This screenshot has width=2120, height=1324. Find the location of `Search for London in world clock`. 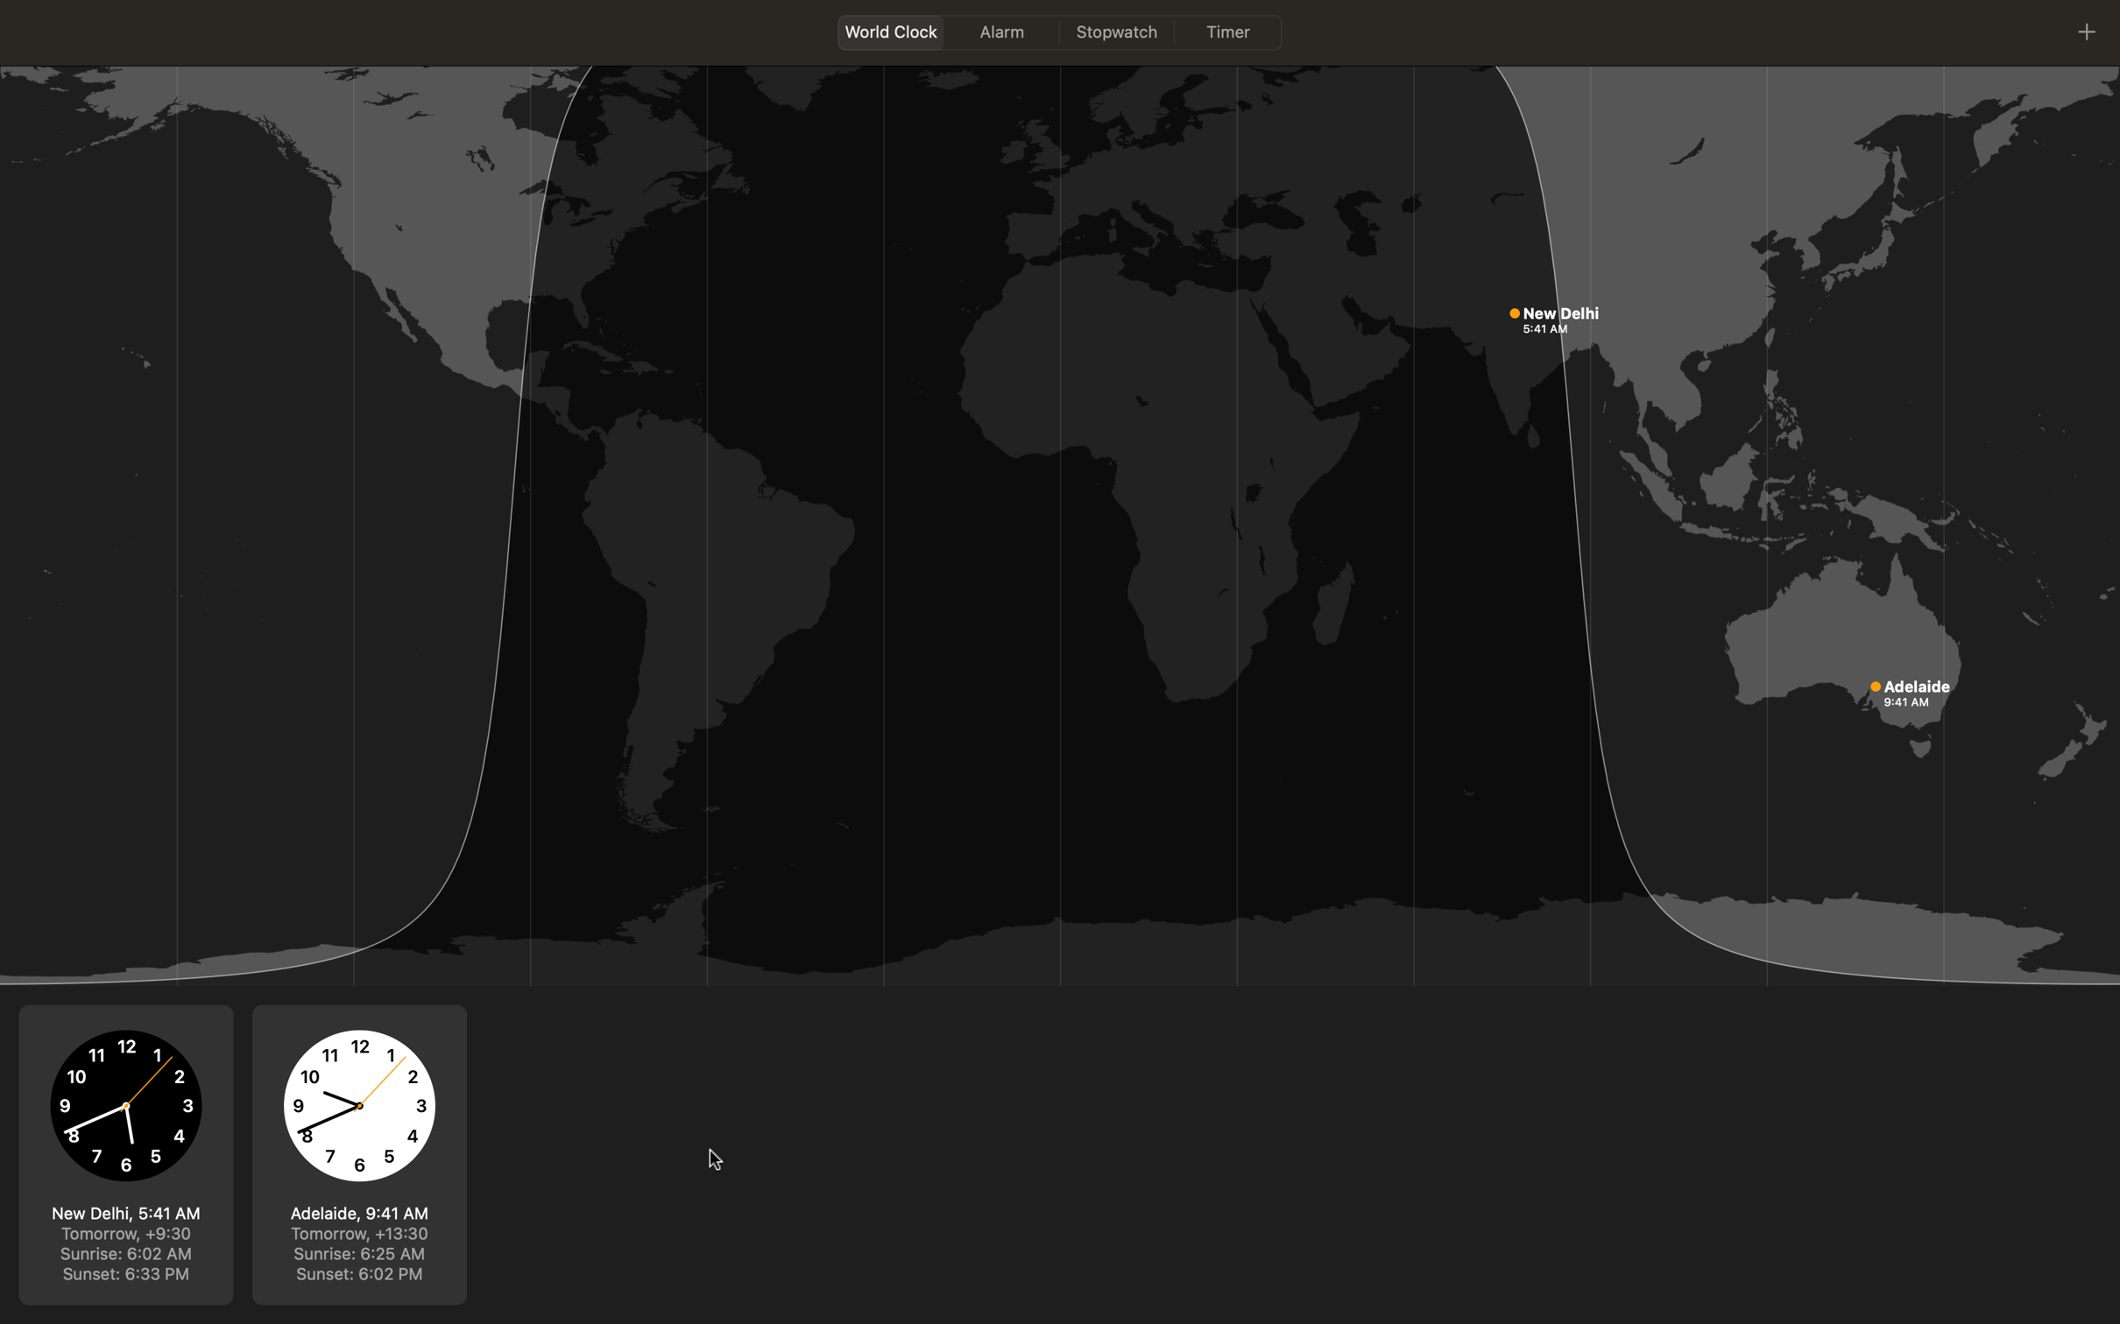

Search for London in world clock is located at coordinates (2086, 29).